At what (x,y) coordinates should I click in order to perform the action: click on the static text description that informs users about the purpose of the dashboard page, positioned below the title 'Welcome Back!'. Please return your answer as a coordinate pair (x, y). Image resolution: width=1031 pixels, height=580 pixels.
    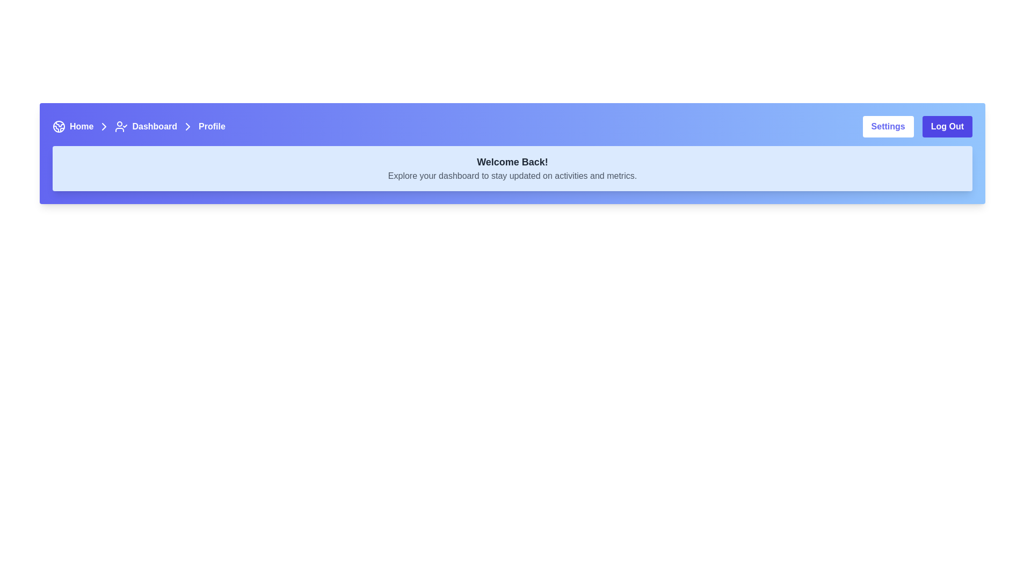
    Looking at the image, I should click on (512, 175).